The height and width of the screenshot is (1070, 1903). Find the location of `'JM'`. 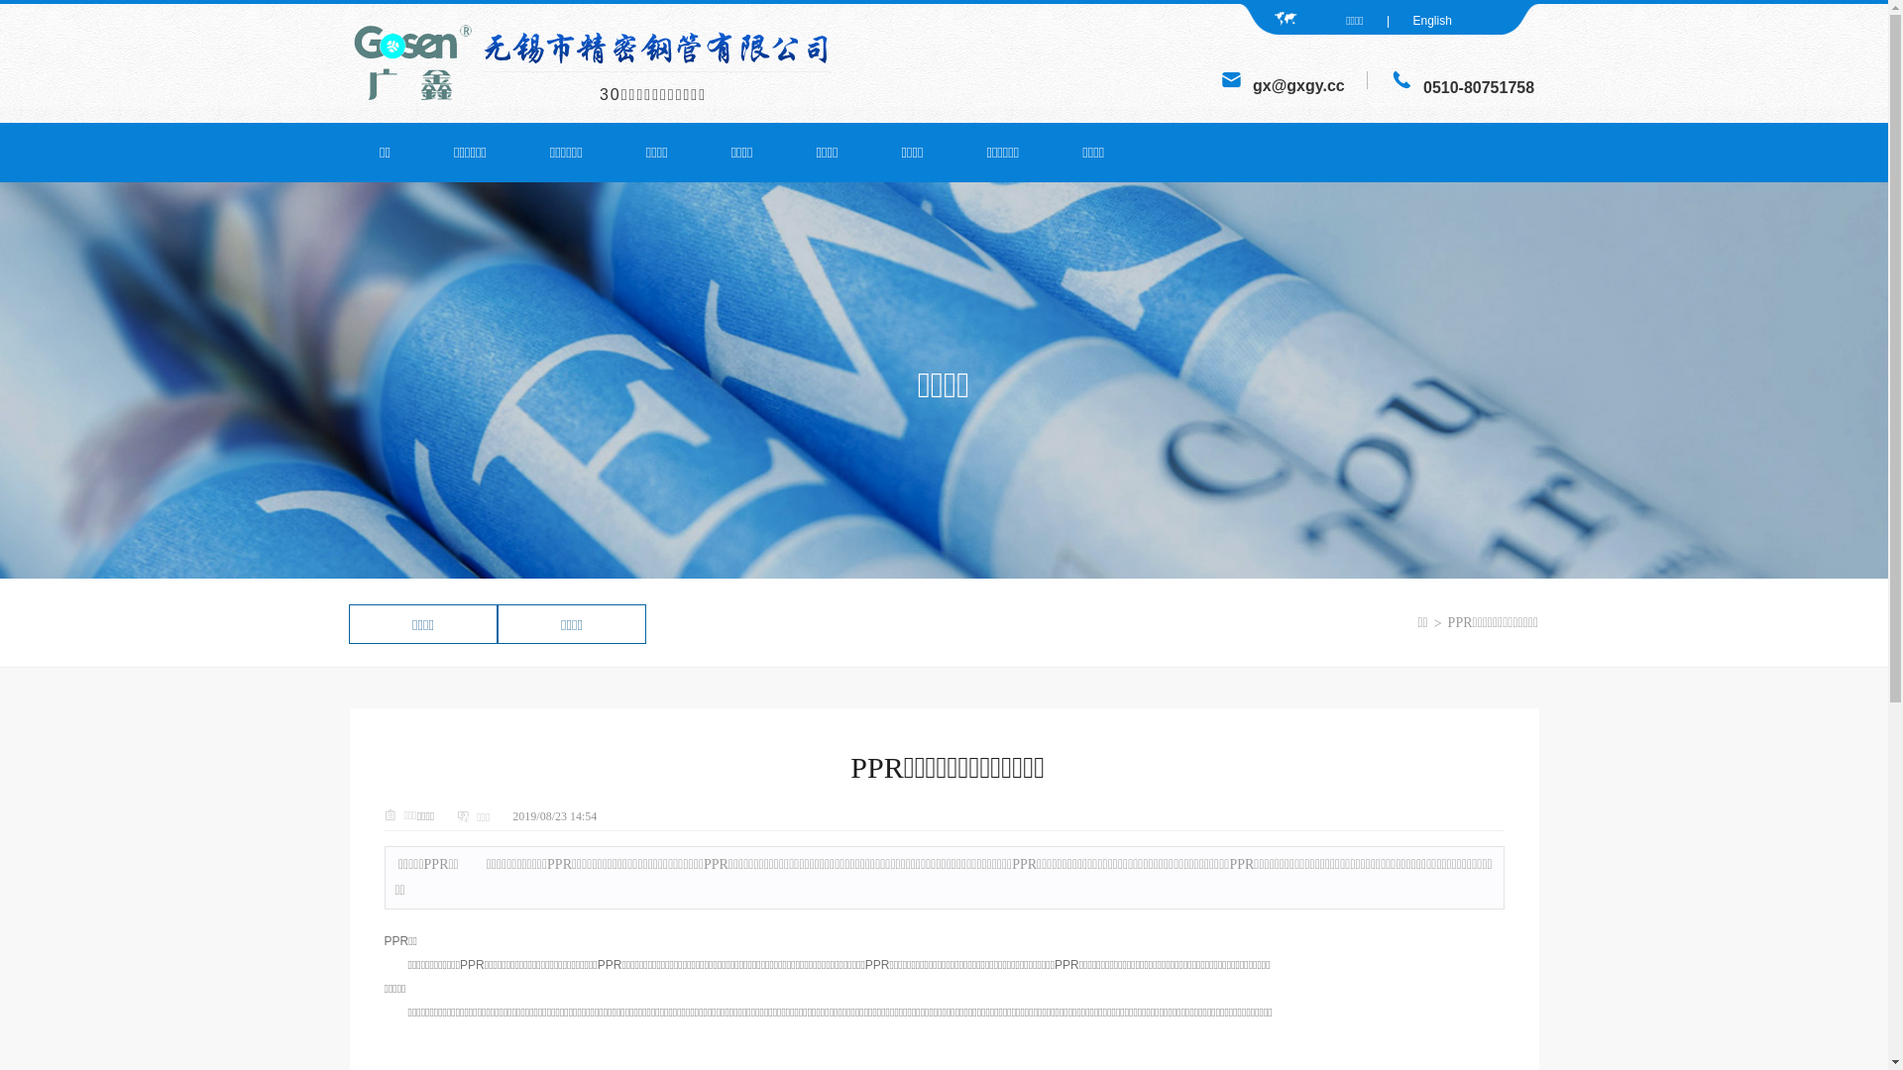

'JM' is located at coordinates (1400, 78).